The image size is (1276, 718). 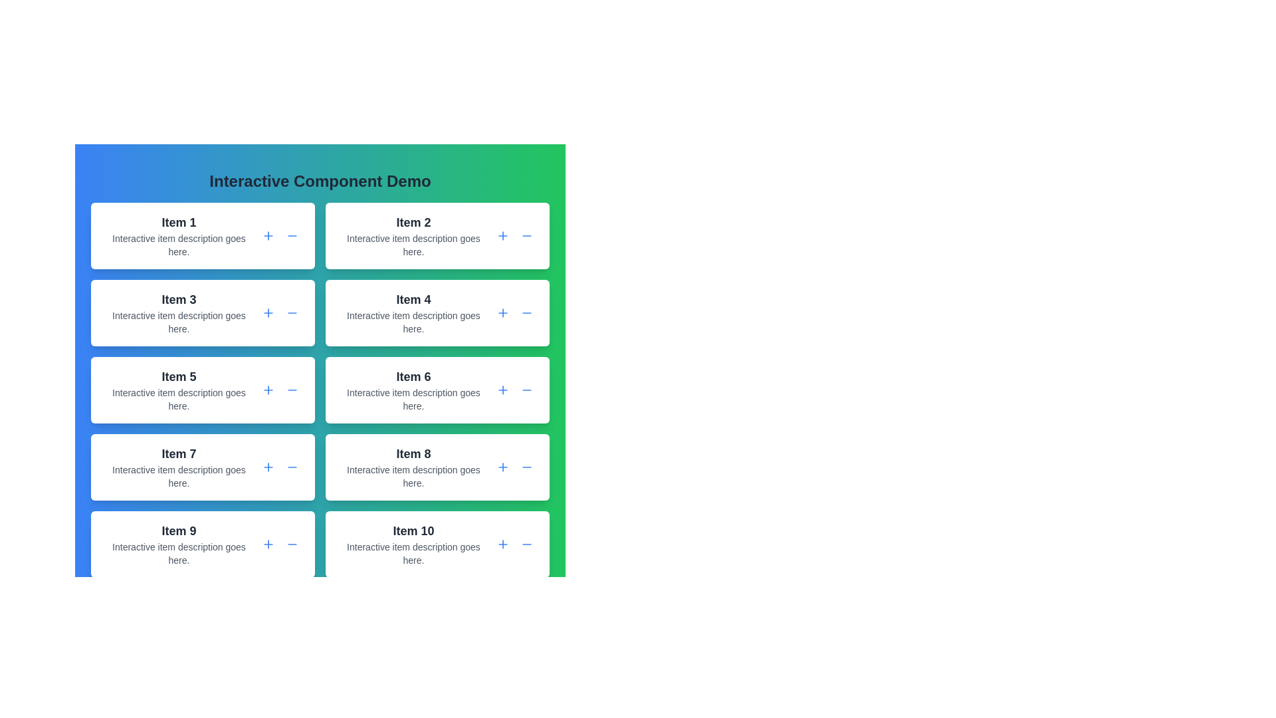 I want to click on the button, so click(x=502, y=235).